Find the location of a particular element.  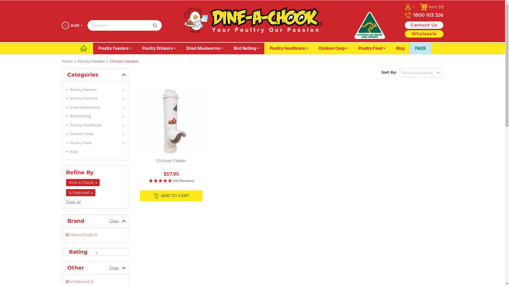

'Chicken Feeder' is located at coordinates (156, 160).